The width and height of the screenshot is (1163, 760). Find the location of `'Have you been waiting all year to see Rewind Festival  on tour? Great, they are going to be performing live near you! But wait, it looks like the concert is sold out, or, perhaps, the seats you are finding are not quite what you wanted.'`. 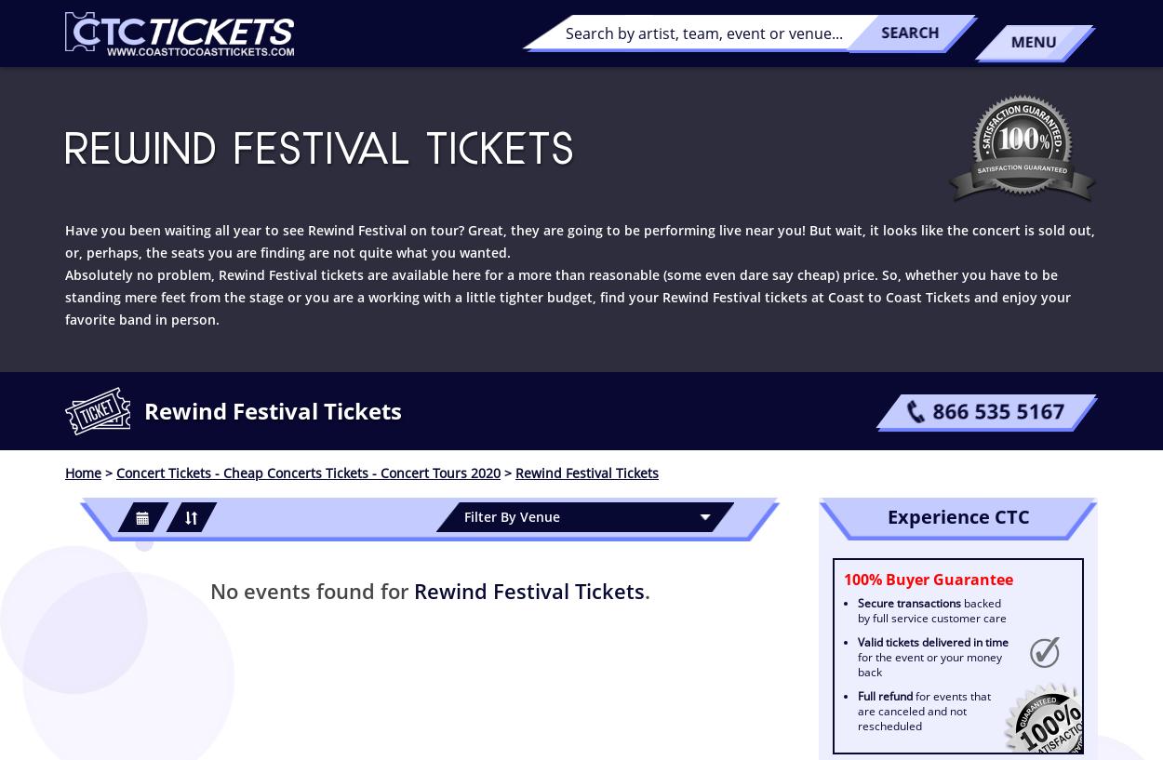

'Have you been waiting all year to see Rewind Festival  on tour? Great, they are going to be performing live near you! But wait, it looks like the concert is sold out, or, perhaps, the seats you are finding are not quite what you wanted.' is located at coordinates (579, 241).